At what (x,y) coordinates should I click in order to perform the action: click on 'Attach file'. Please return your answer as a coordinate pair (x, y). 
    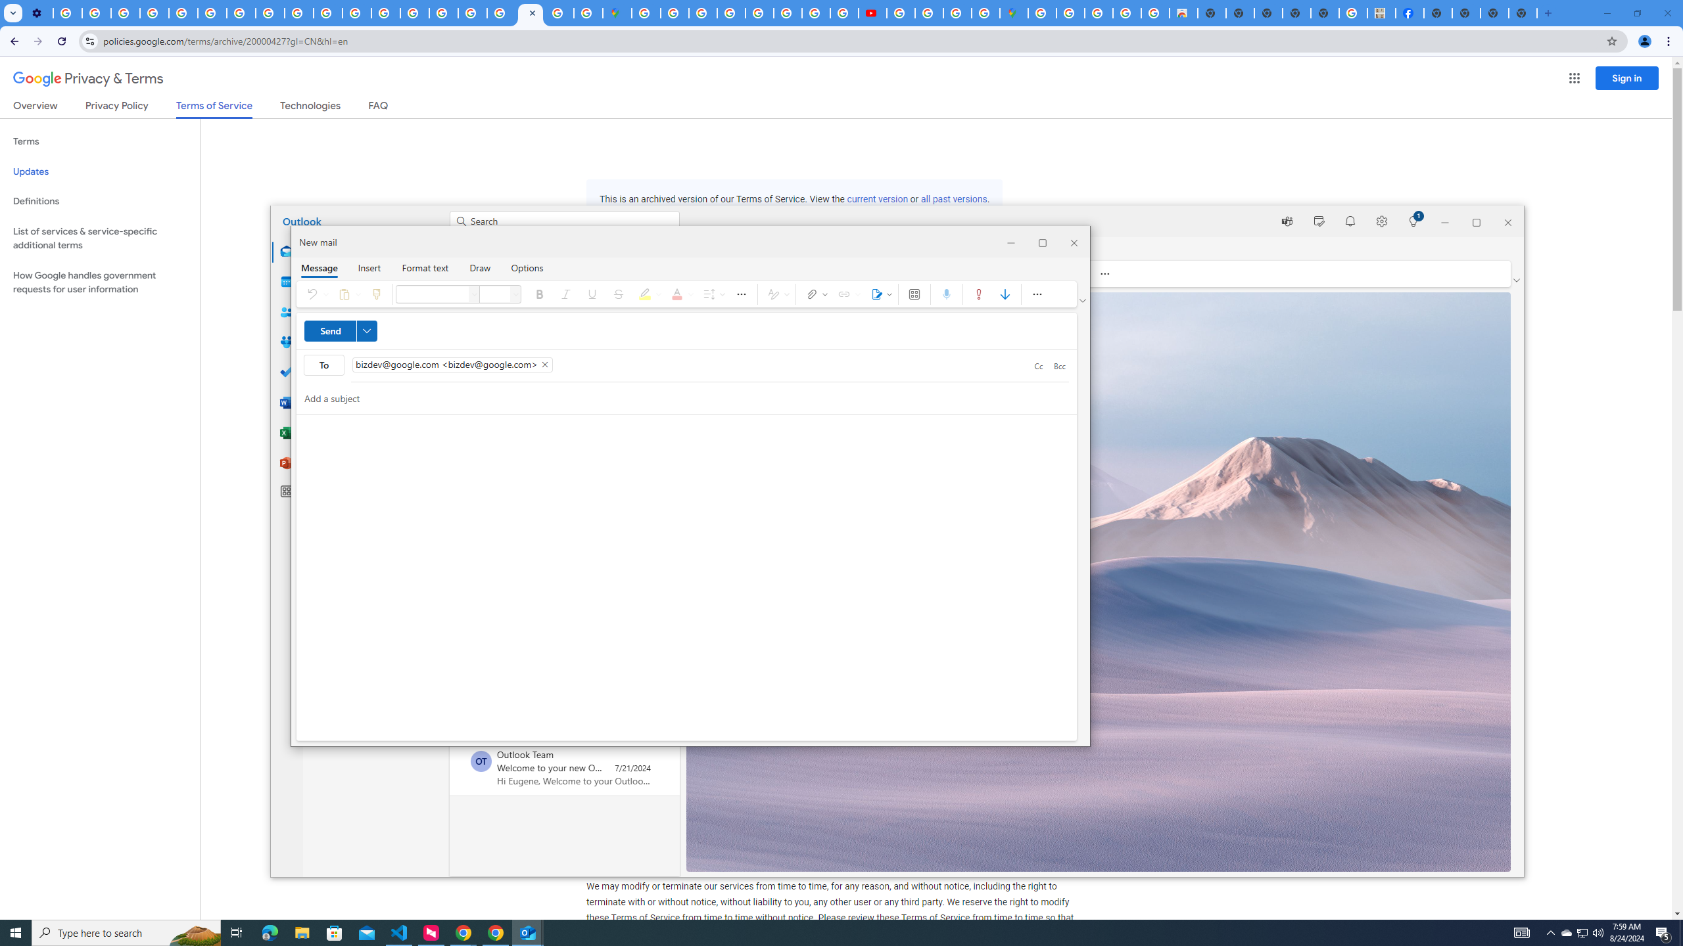
    Looking at the image, I should click on (815, 294).